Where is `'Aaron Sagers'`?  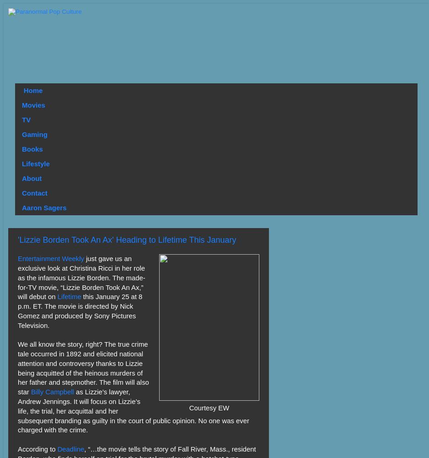
'Aaron Sagers' is located at coordinates (44, 207).